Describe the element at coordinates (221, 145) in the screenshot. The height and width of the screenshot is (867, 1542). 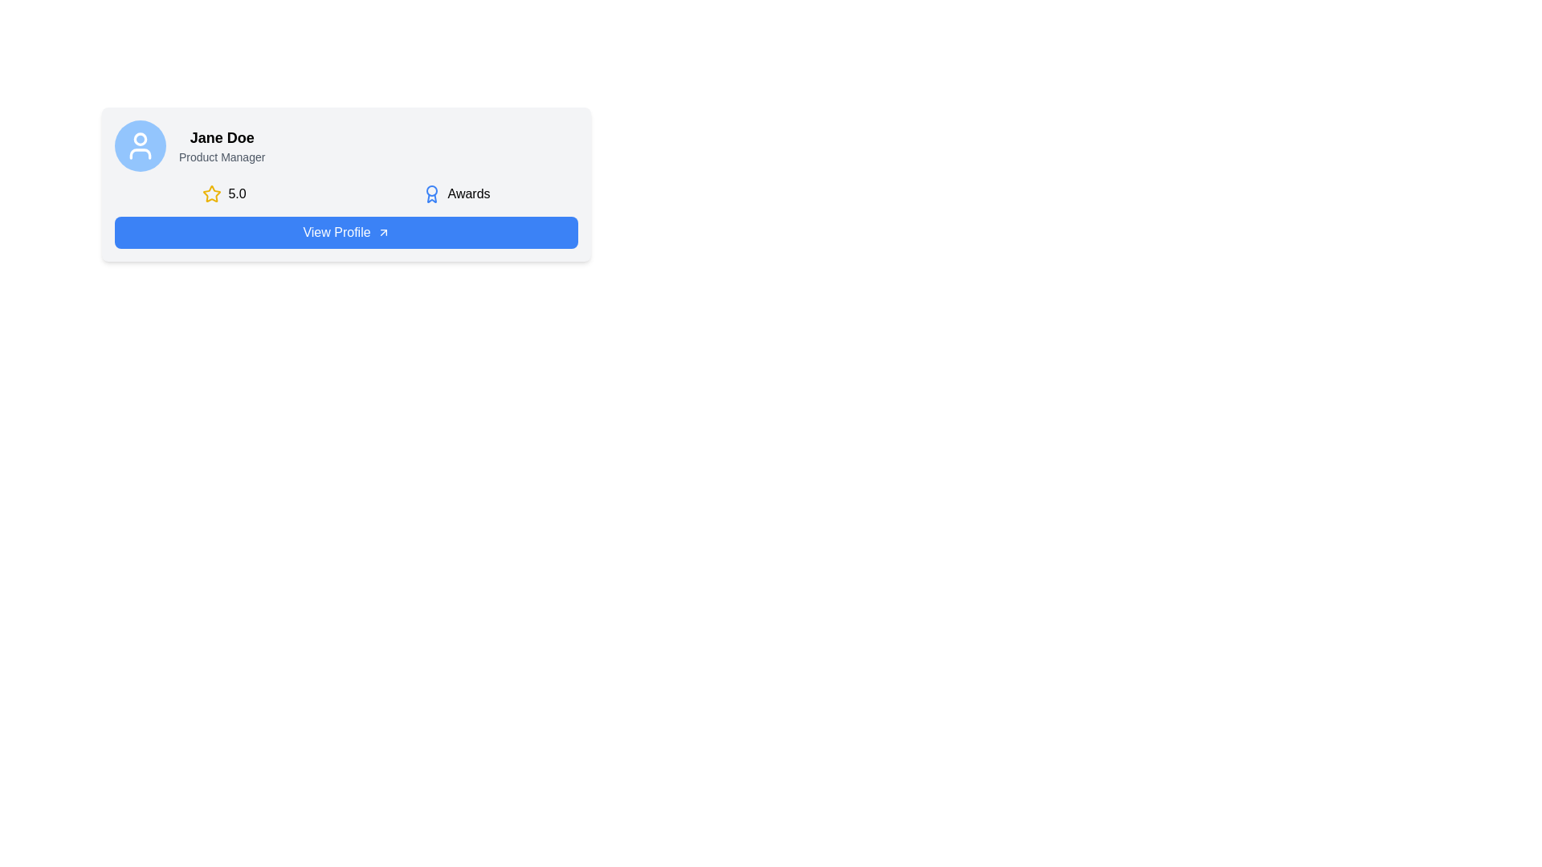
I see `the Static Text Block displaying 'Jane Doe' and 'Product Manager'` at that location.